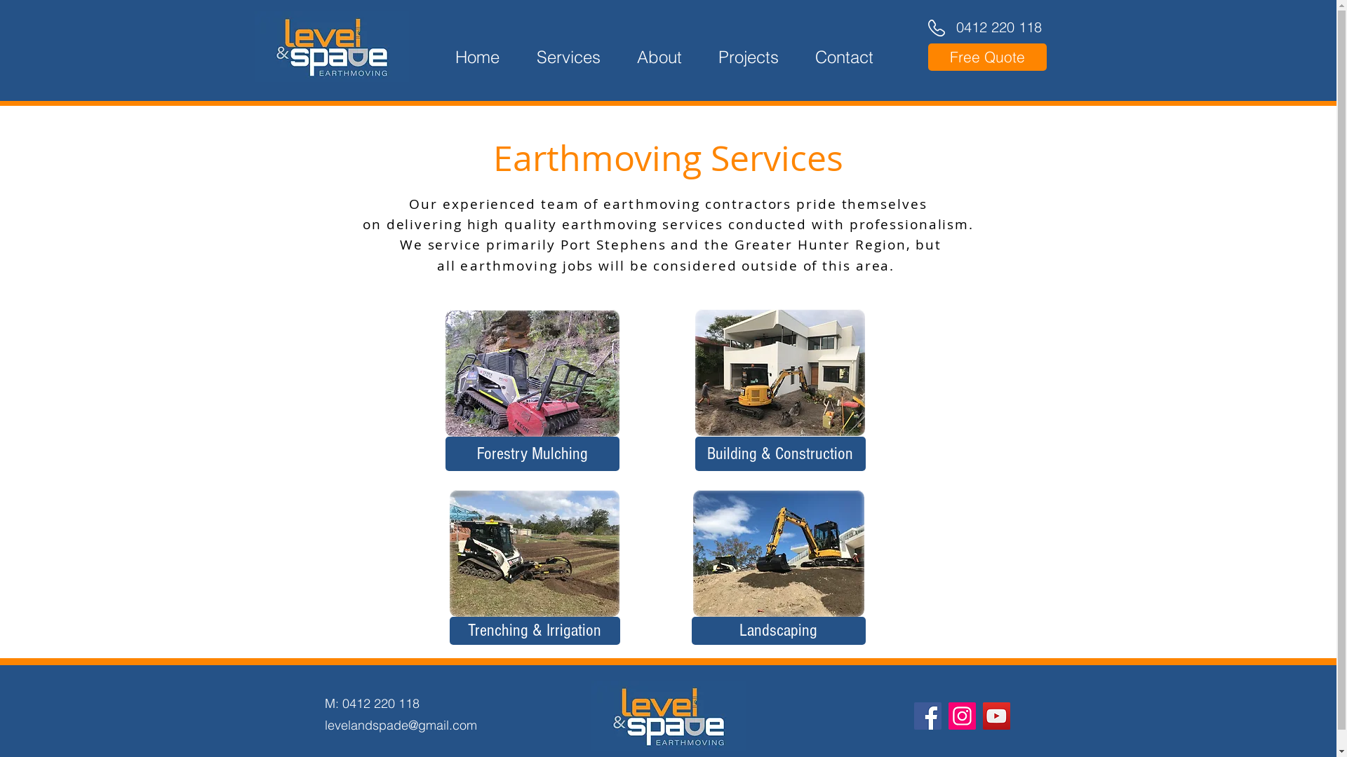 This screenshot has width=1347, height=757. What do you see at coordinates (621, 56) in the screenshot?
I see `'About'` at bounding box center [621, 56].